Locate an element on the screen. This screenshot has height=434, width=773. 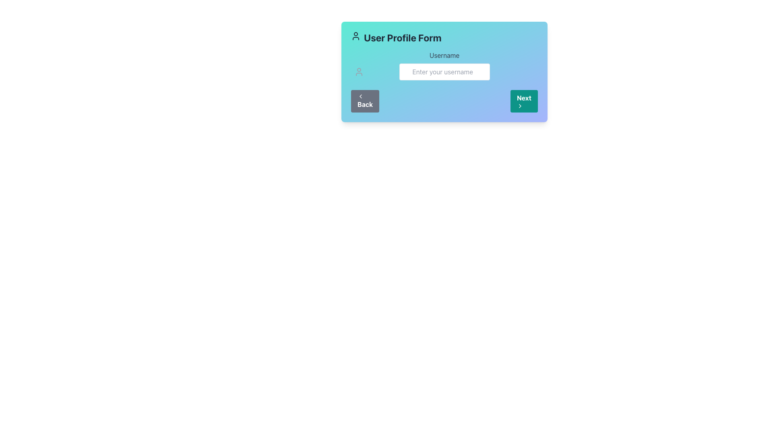
the 'Username' text input box, which has a light blue background and a placeholder 'Enter your username', to focus on it is located at coordinates (444, 65).